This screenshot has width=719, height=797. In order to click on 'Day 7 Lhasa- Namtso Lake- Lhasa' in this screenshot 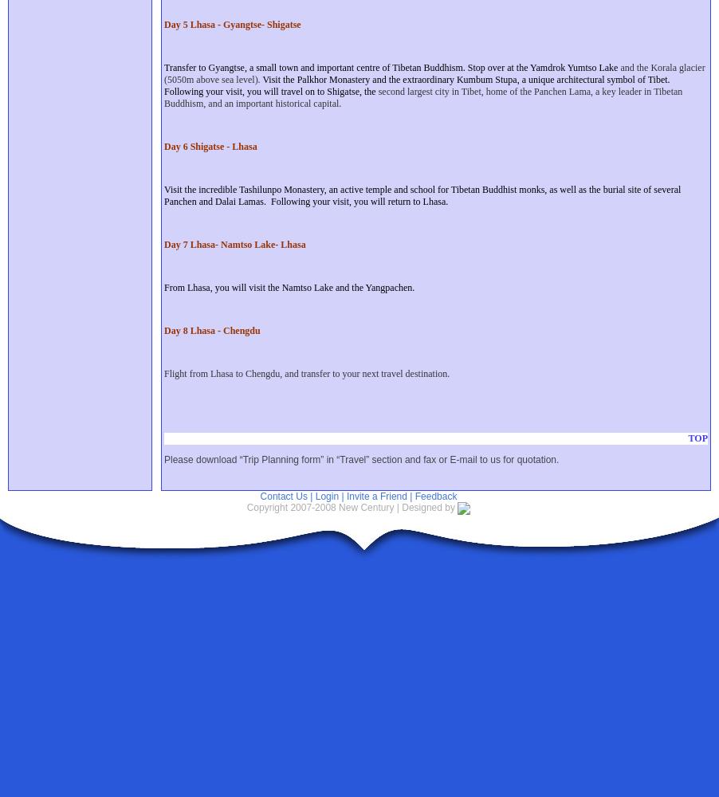, I will do `click(234, 245)`.